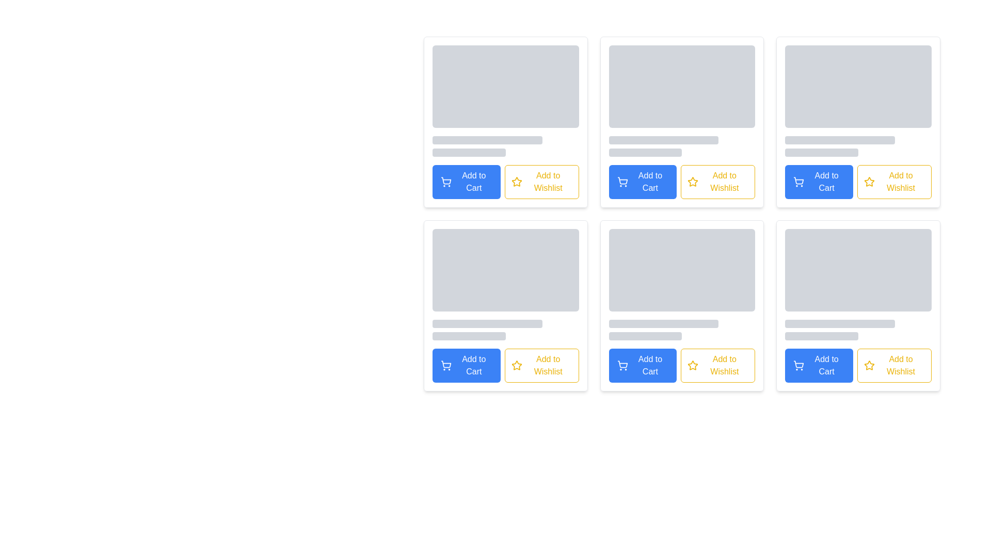  I want to click on the shopping cart icon within the 'Add to Cart' button located at the bottom left of the product card, so click(446, 180).